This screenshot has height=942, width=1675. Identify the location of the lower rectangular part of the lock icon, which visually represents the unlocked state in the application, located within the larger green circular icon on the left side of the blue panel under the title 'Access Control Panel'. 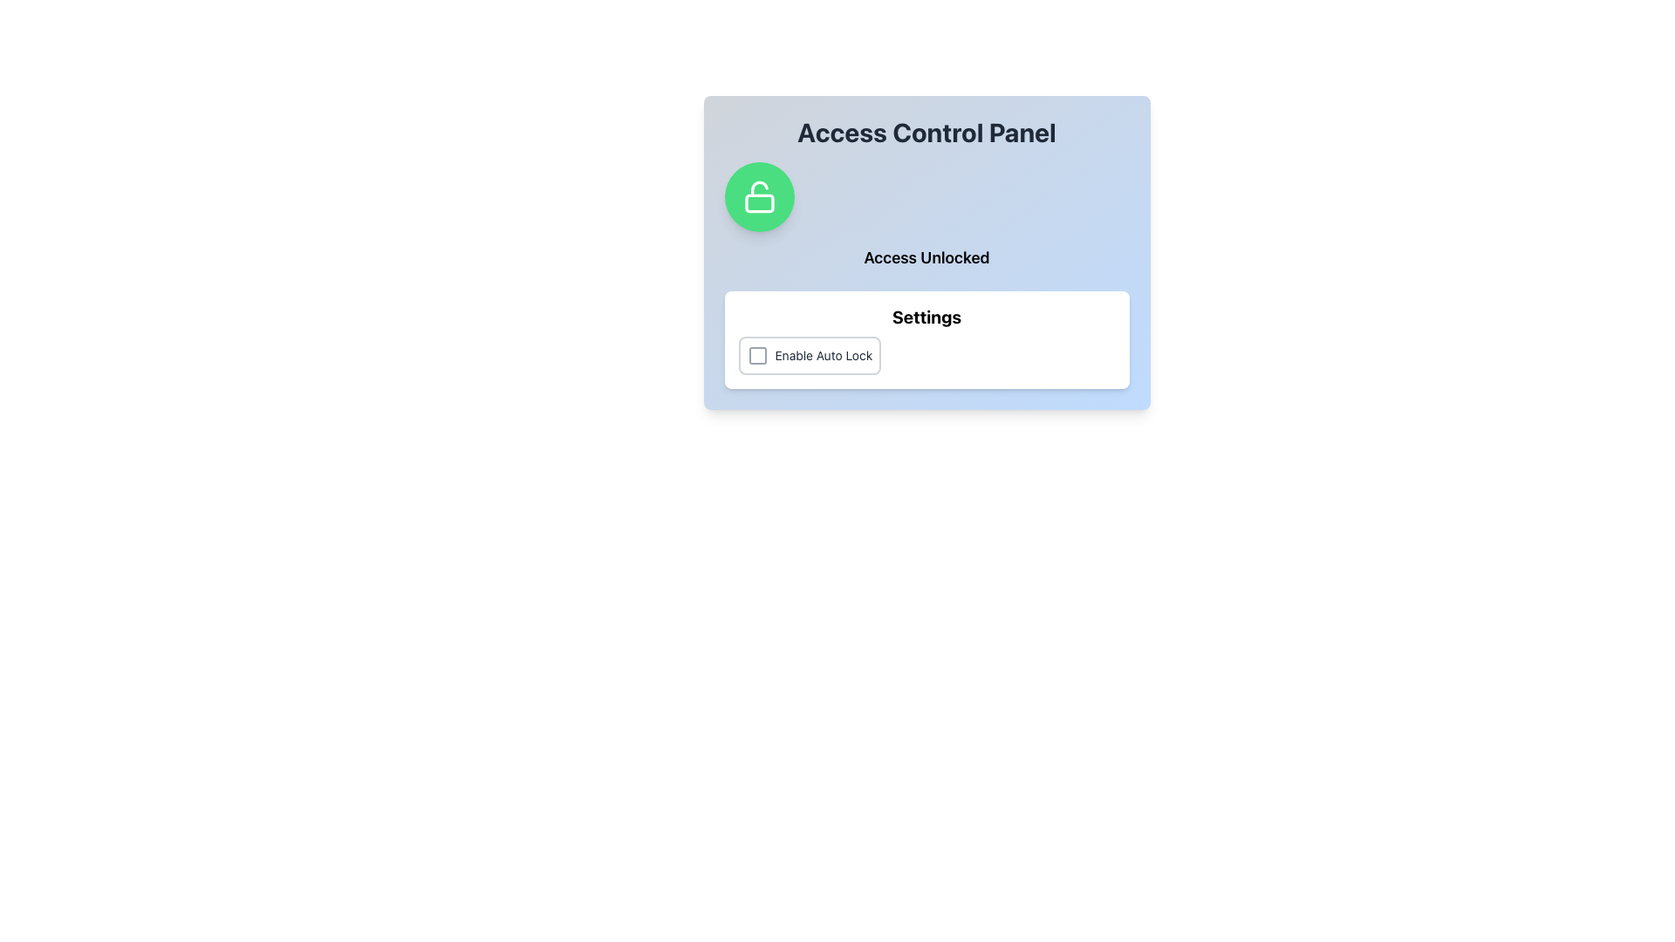
(759, 202).